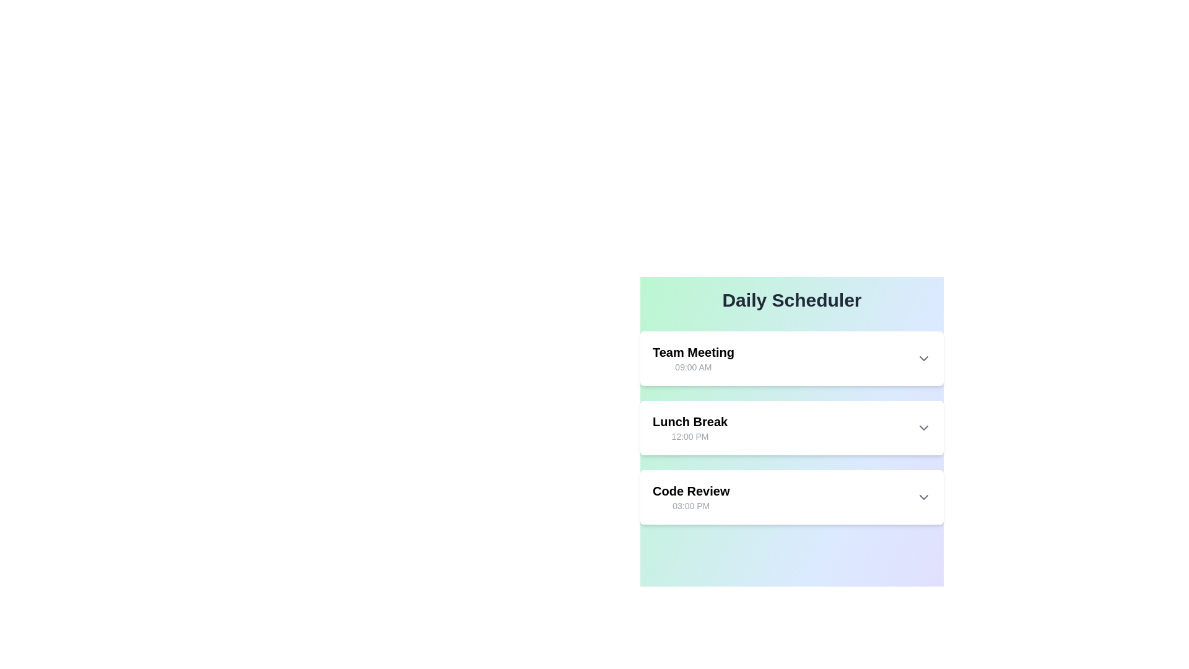 The height and width of the screenshot is (669, 1189). I want to click on the text element indicating the name of the scheduled event, located between 'Team Meeting' and 'Code Review', which is part of a daily schedule, so click(689, 421).